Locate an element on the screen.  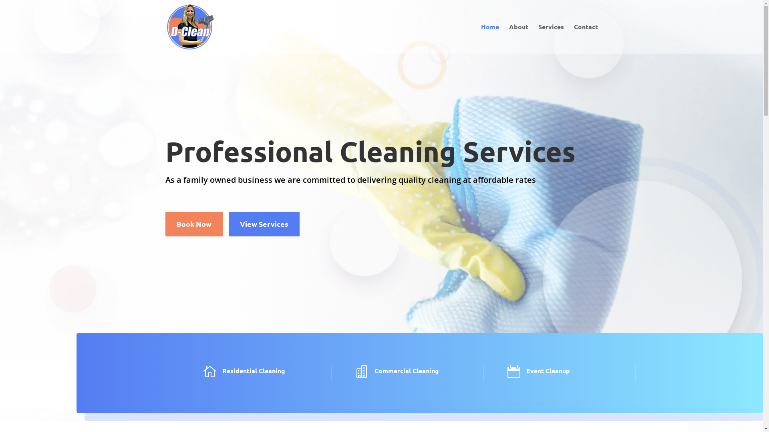
'Book Now' is located at coordinates (193, 224).